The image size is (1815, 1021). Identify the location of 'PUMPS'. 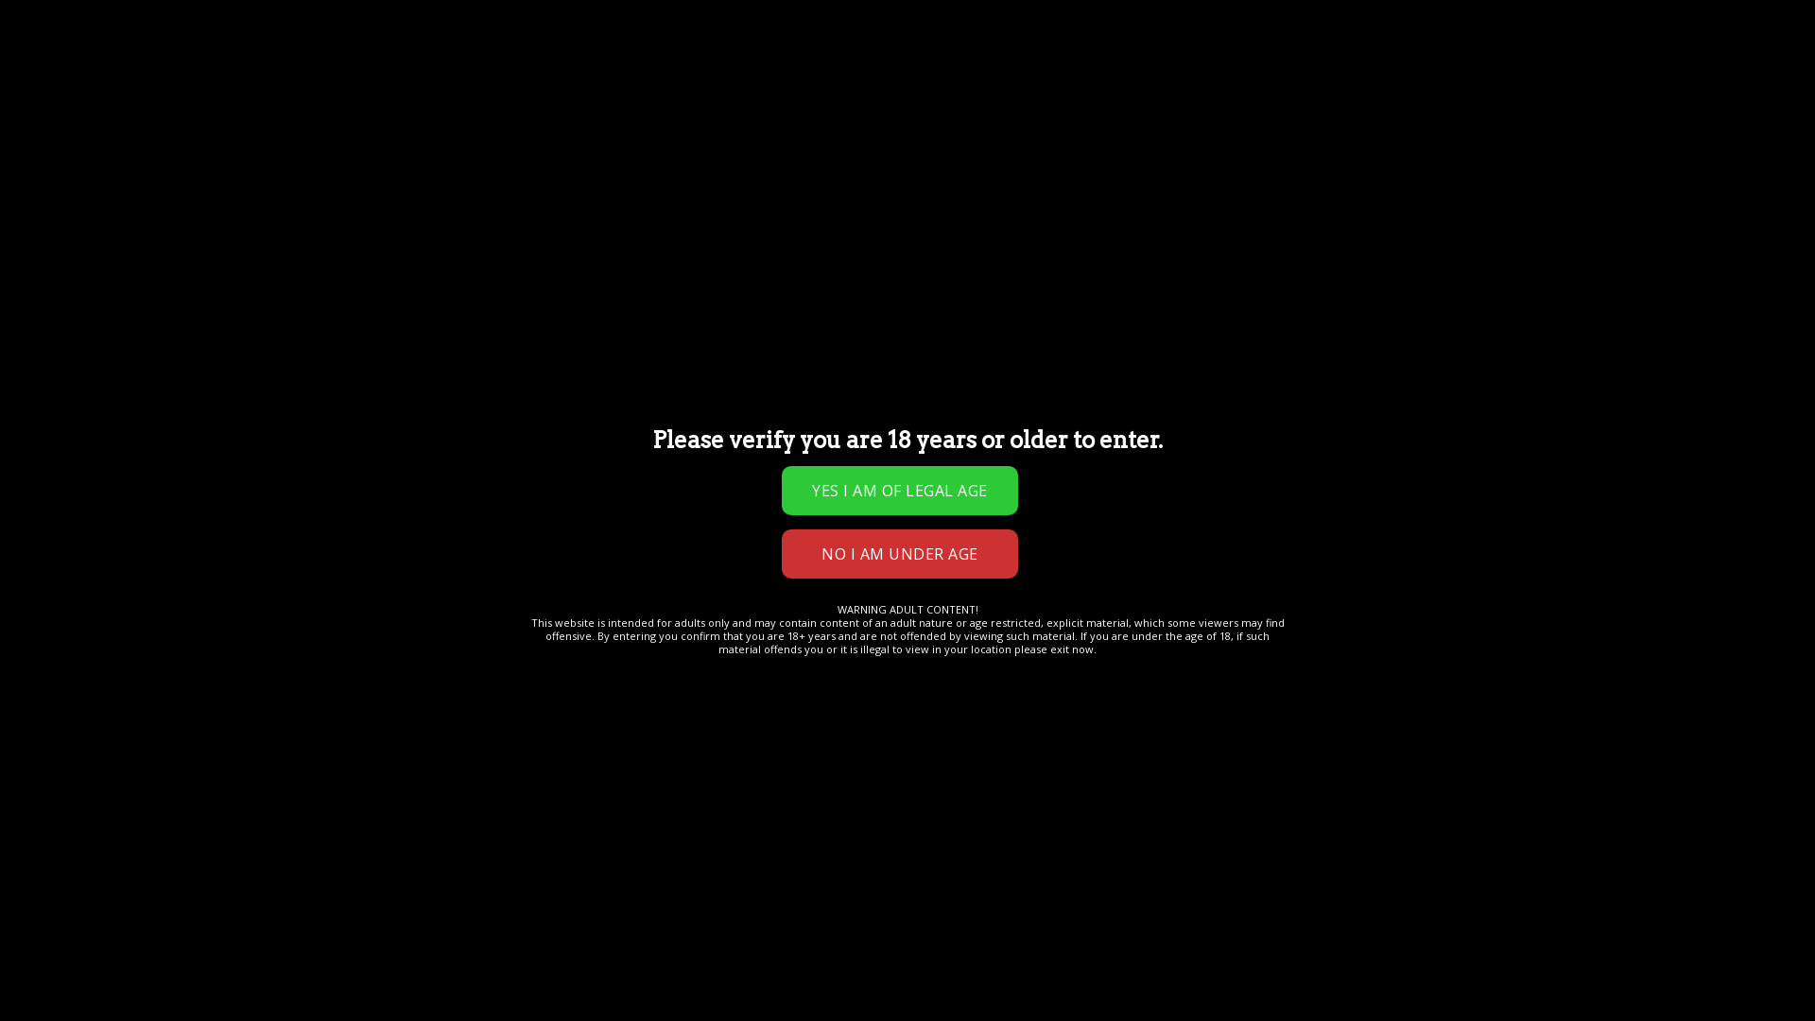
(91, 141).